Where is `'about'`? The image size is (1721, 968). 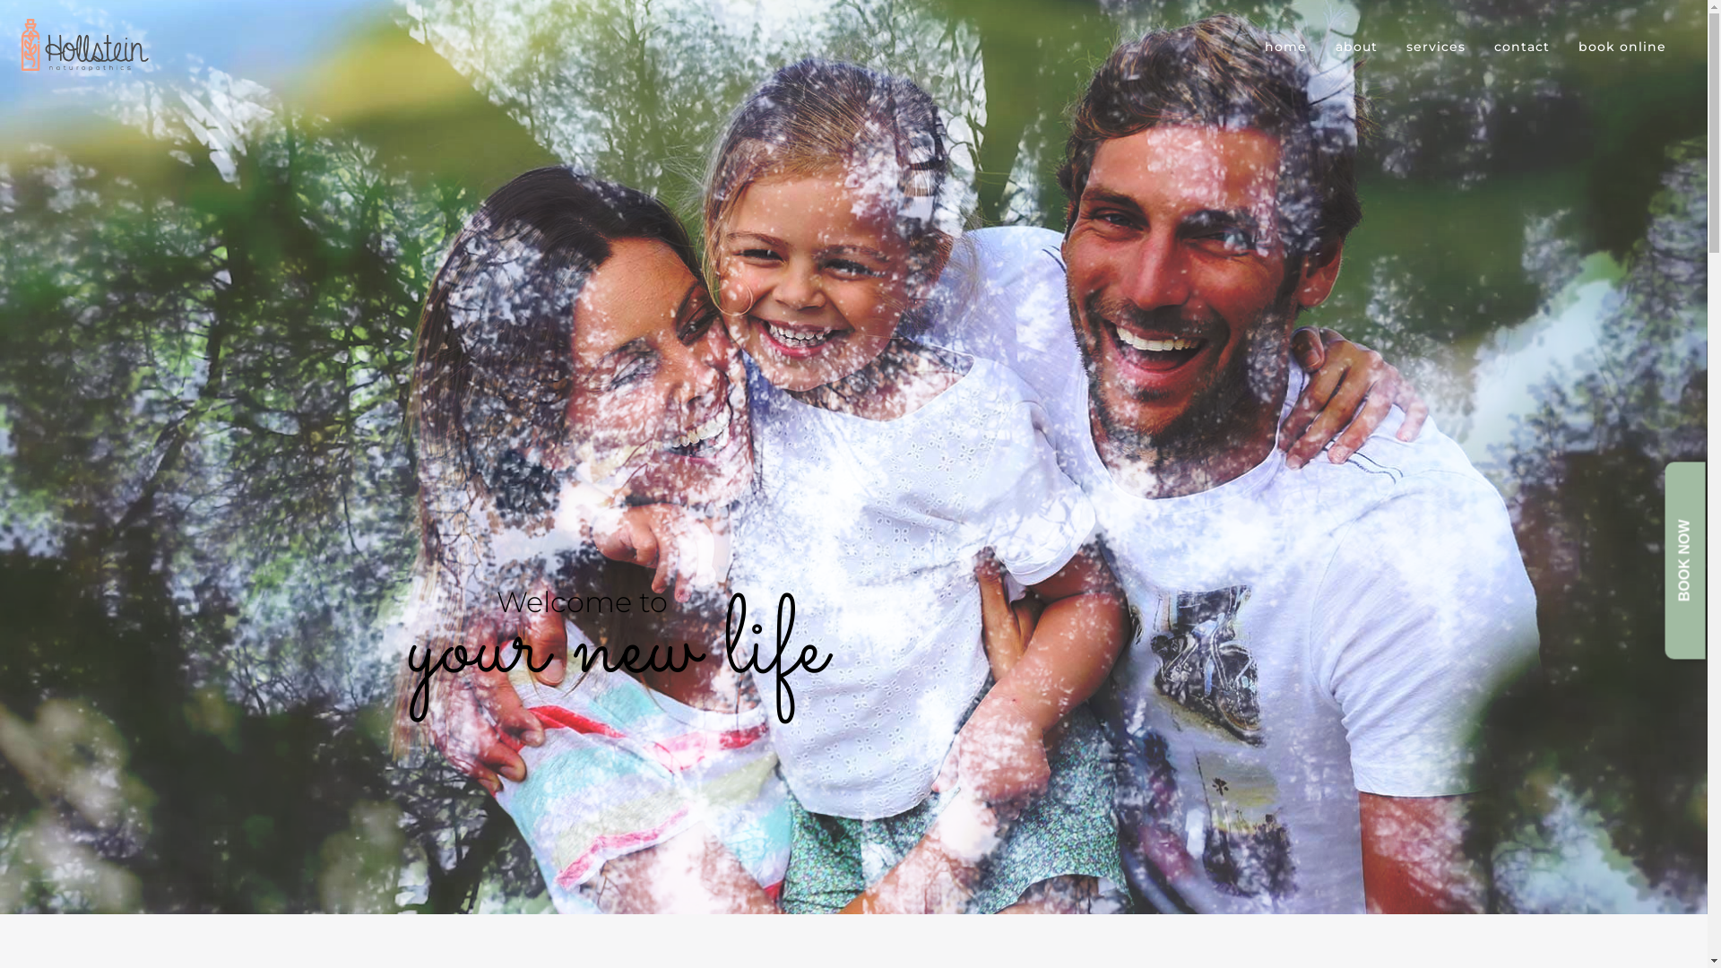 'about' is located at coordinates (1356, 44).